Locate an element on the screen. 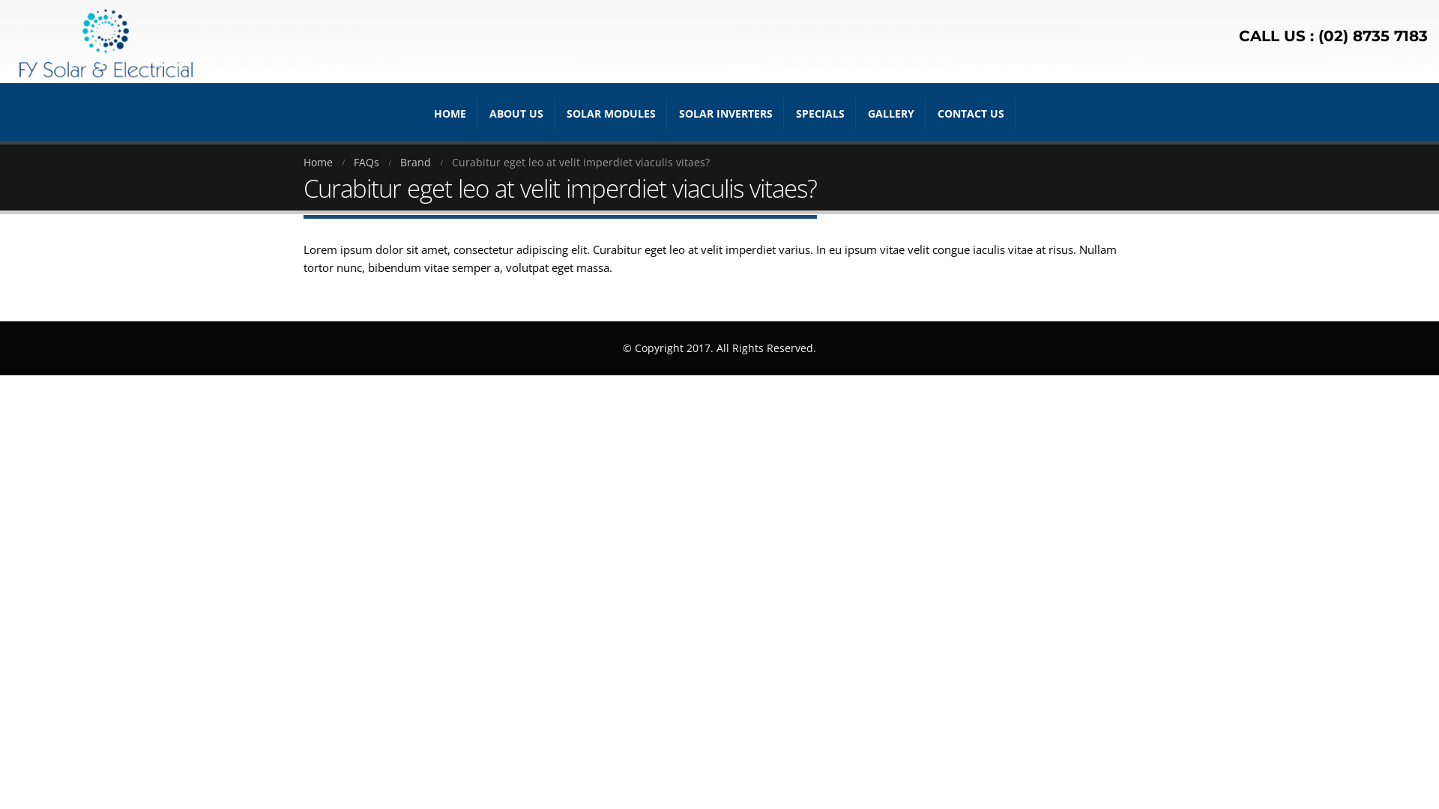 The image size is (1439, 809). 'Home' is located at coordinates (317, 162).